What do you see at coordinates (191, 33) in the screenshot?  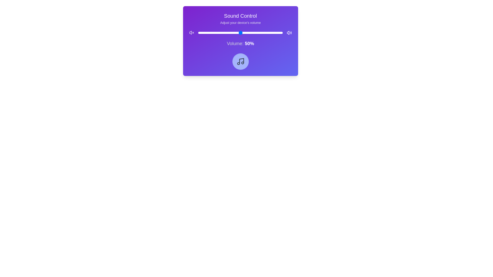 I see `the left volume icon` at bounding box center [191, 33].